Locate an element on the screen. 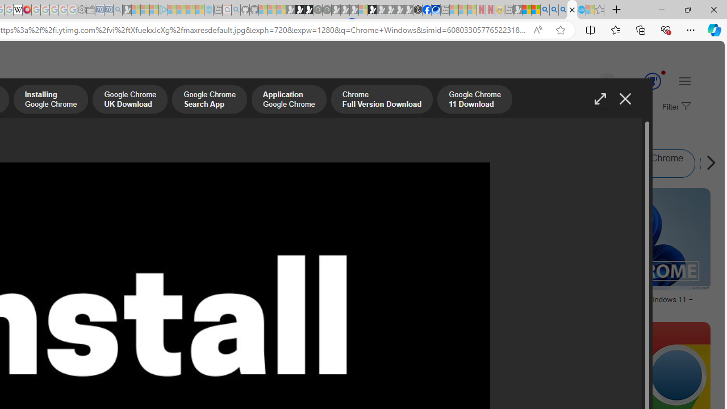 The image size is (727, 409). 'Settings - Sleeping' is located at coordinates (81, 10).